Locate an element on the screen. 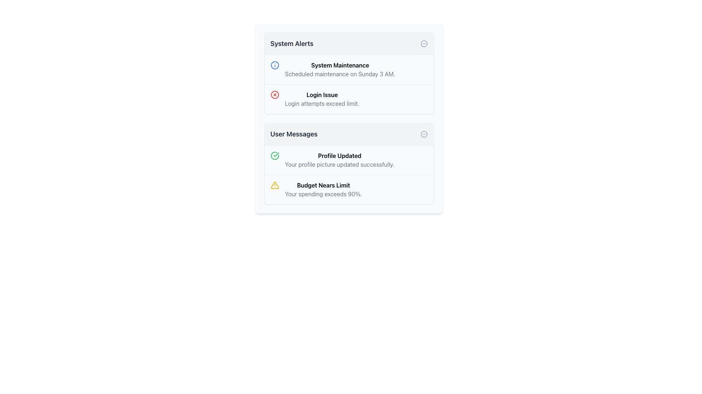 This screenshot has height=394, width=702. the Notification Panel labeled 'System Alerts', which includes information about 'System Maintenance' and 'Login Issue' is located at coordinates (348, 73).